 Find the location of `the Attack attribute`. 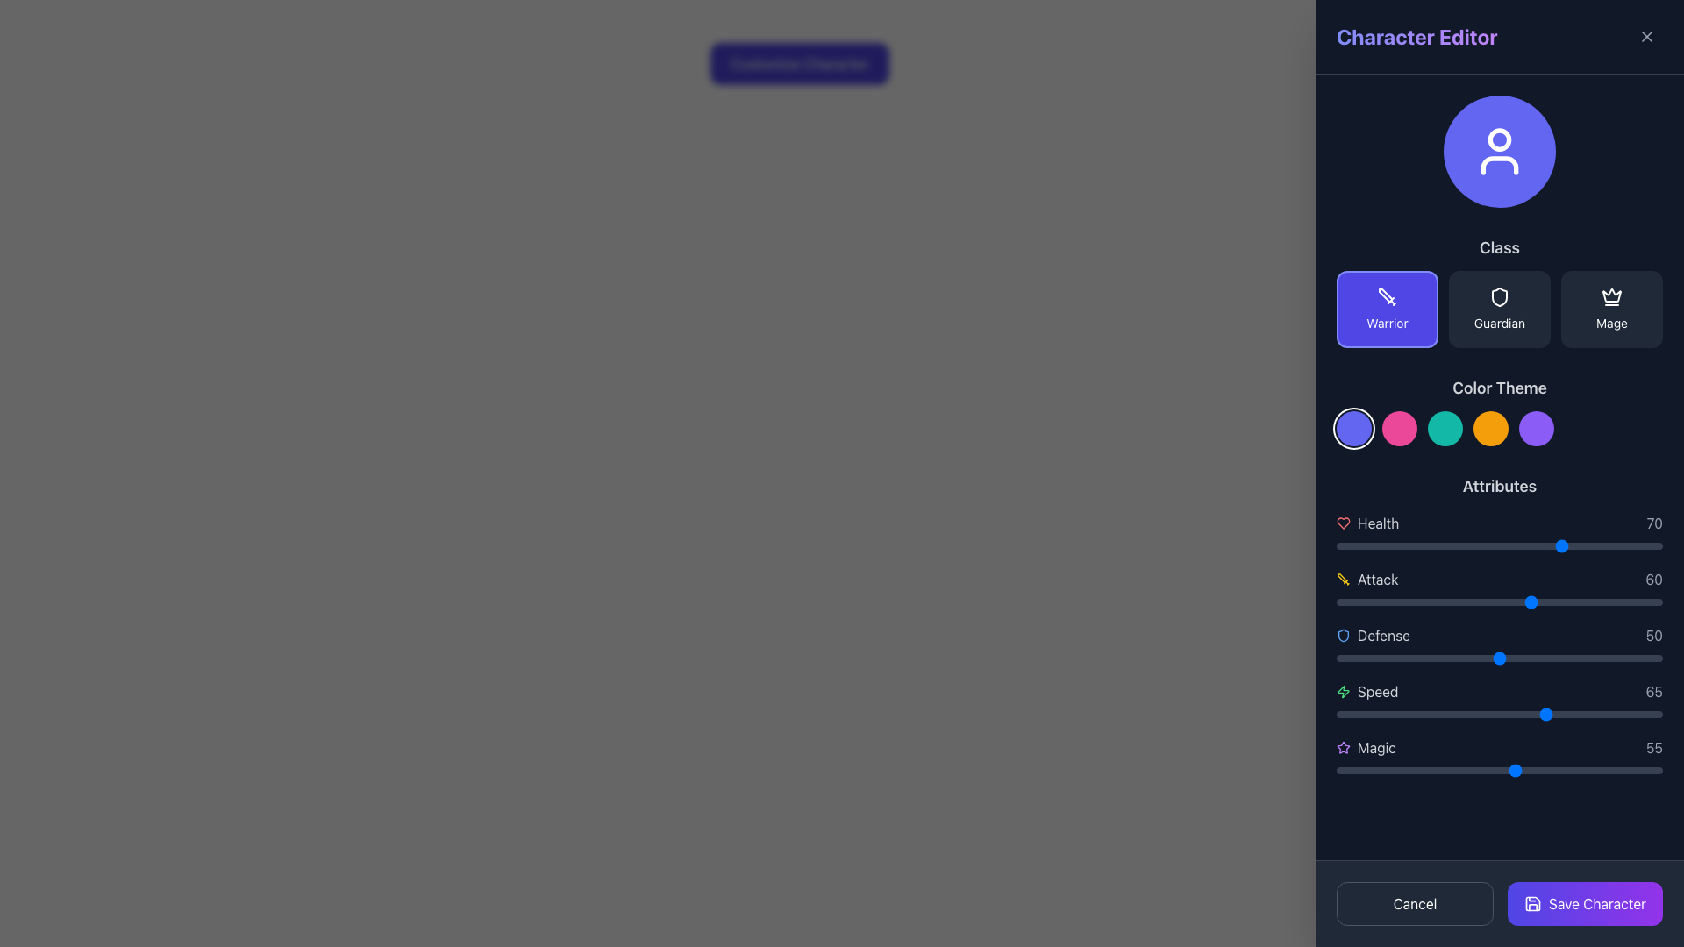

the Attack attribute is located at coordinates (1466, 601).